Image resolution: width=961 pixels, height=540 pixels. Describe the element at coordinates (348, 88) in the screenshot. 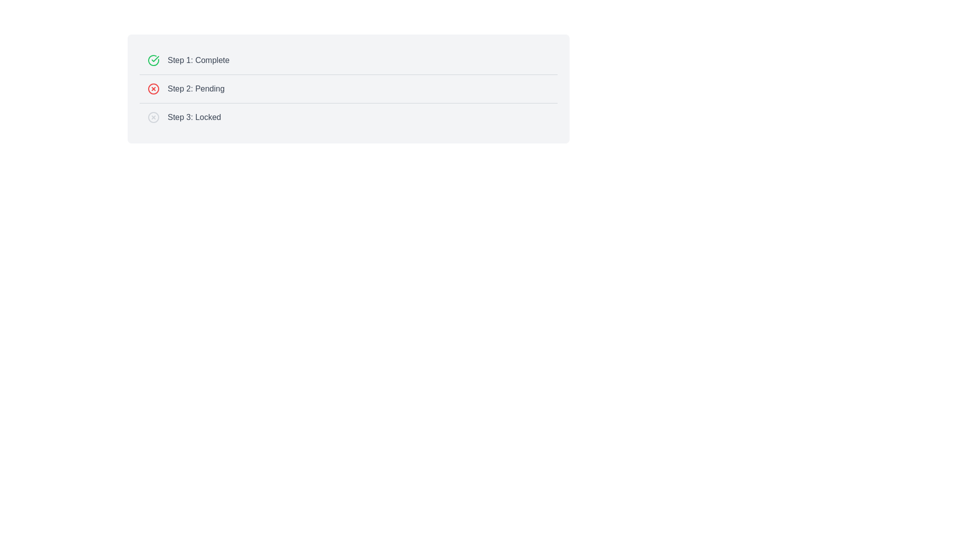

I see `the Progress tracker display element that shows the current state of a multi-step process, specifically targeting the second row labeled 'Step 2: Pending'` at that location.